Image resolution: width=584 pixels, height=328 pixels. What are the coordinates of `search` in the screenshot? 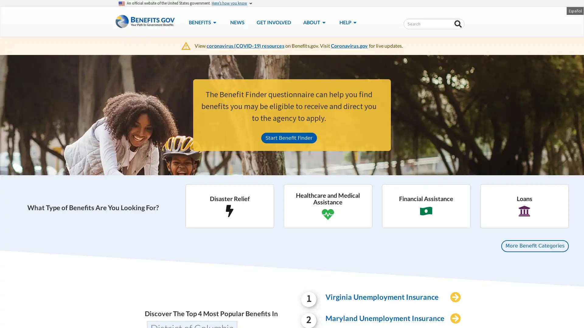 It's located at (458, 24).